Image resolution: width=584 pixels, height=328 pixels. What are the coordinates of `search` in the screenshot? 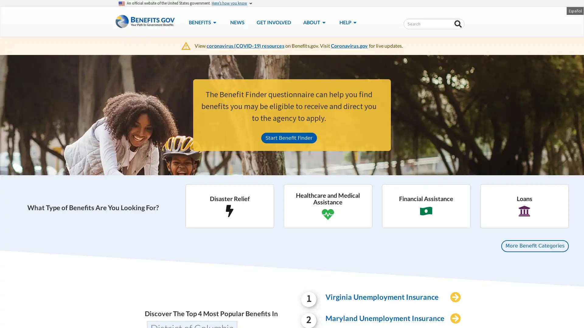 It's located at (458, 24).